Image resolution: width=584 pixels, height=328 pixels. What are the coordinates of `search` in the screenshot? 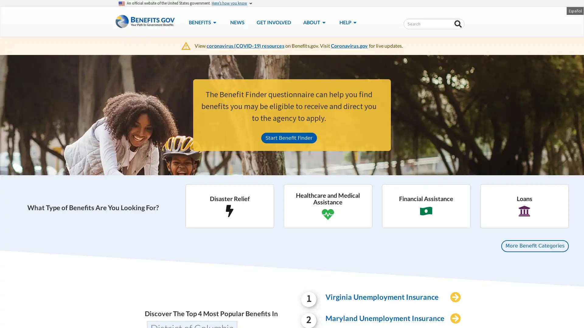 It's located at (458, 24).